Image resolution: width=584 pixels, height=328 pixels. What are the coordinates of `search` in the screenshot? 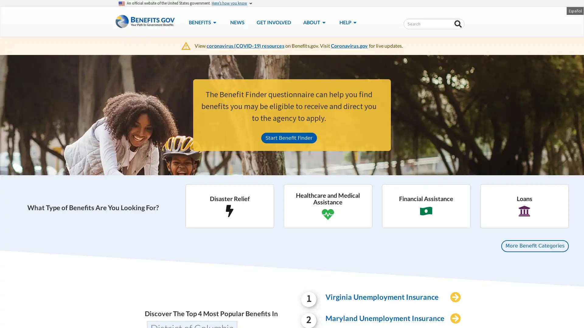 It's located at (458, 24).